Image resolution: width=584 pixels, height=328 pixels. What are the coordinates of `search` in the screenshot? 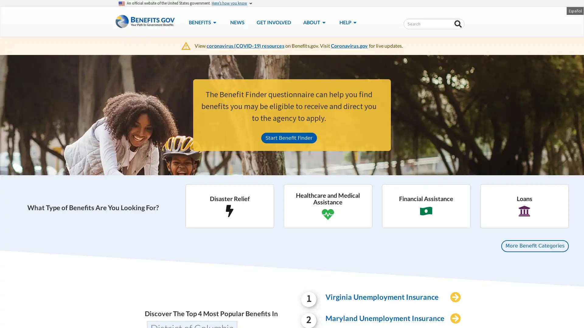 It's located at (458, 24).